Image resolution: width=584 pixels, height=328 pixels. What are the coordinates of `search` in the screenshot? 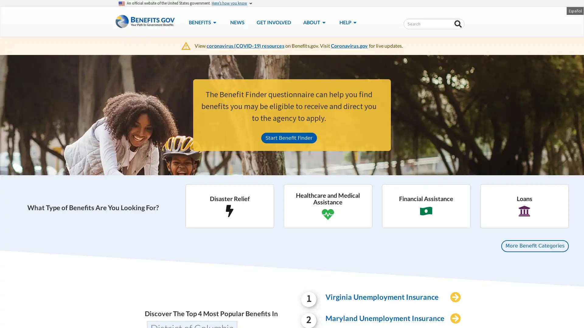 It's located at (458, 24).